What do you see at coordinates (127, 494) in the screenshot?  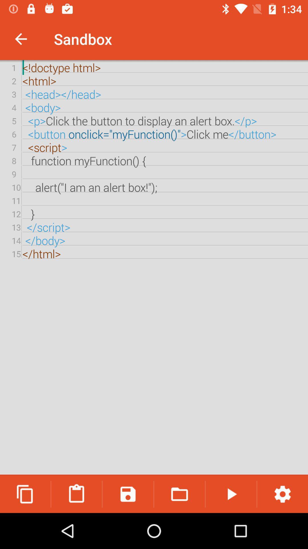 I see `the save icon` at bounding box center [127, 494].